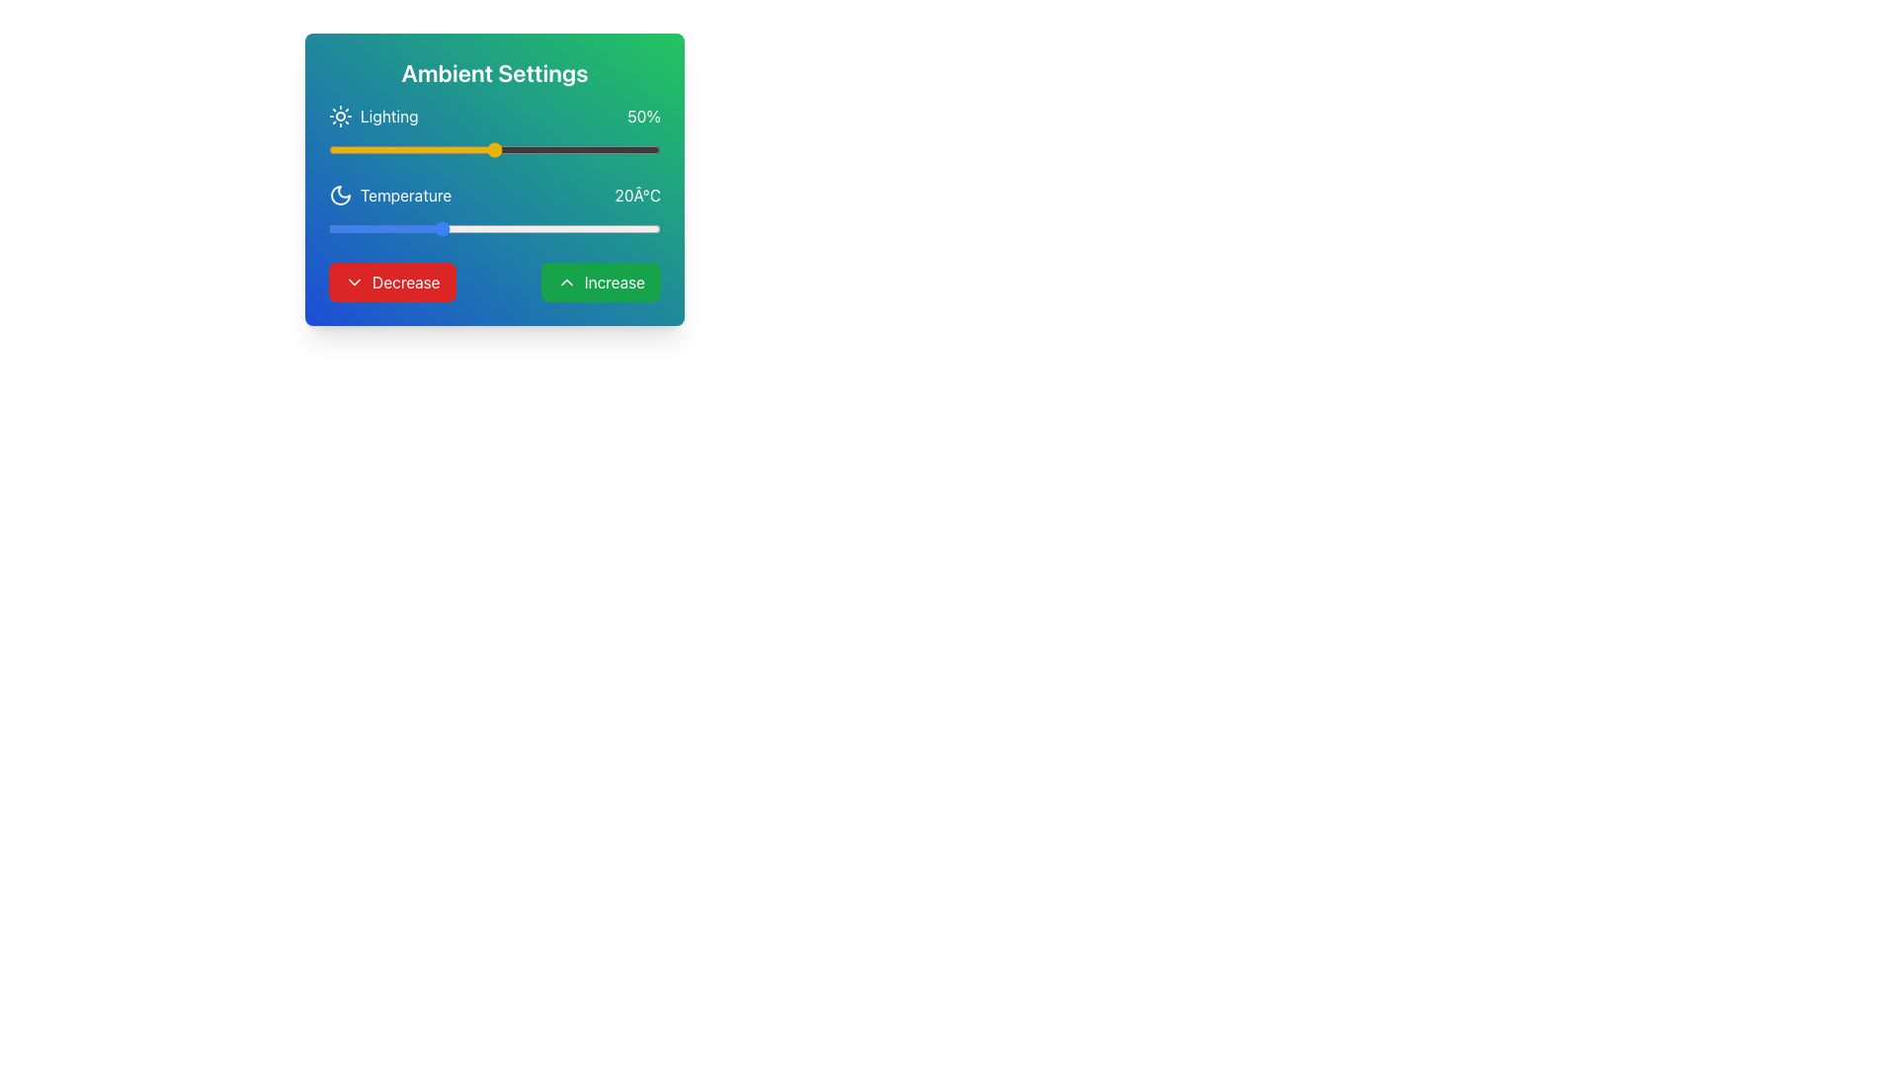 This screenshot has height=1067, width=1897. I want to click on the temperature, so click(506, 227).